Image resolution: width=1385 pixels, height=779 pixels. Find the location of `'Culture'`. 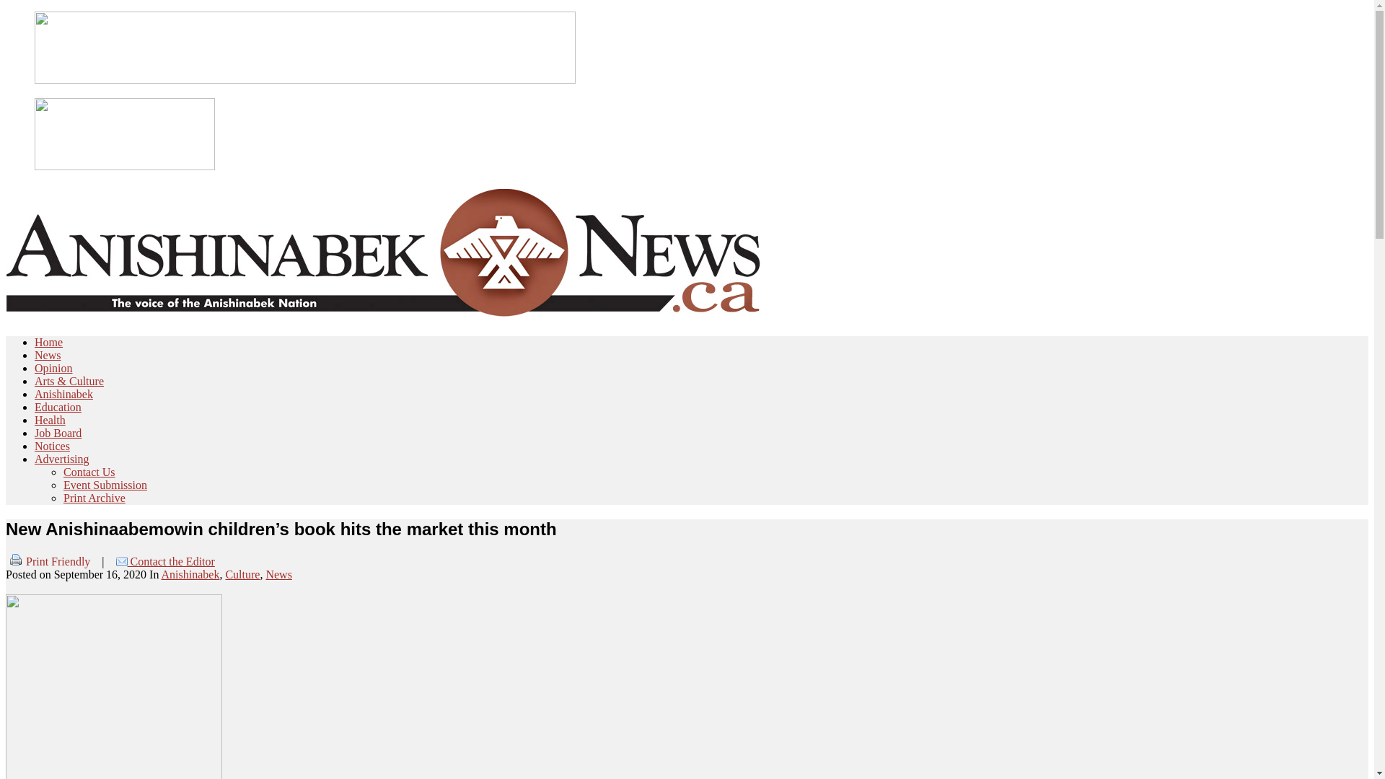

'Culture' is located at coordinates (242, 573).